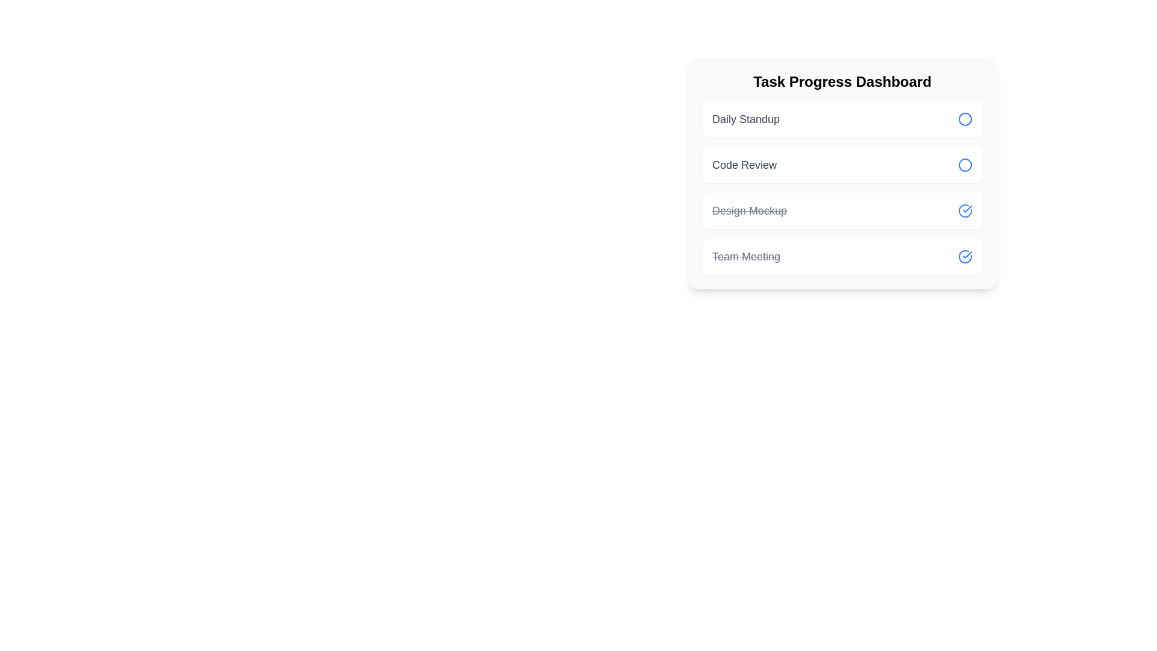 The image size is (1157, 651). I want to click on the interactive circular icon button located in the 'Daily Standup' row of the 'Task Progress Dashboard' to interact with the task, so click(965, 119).